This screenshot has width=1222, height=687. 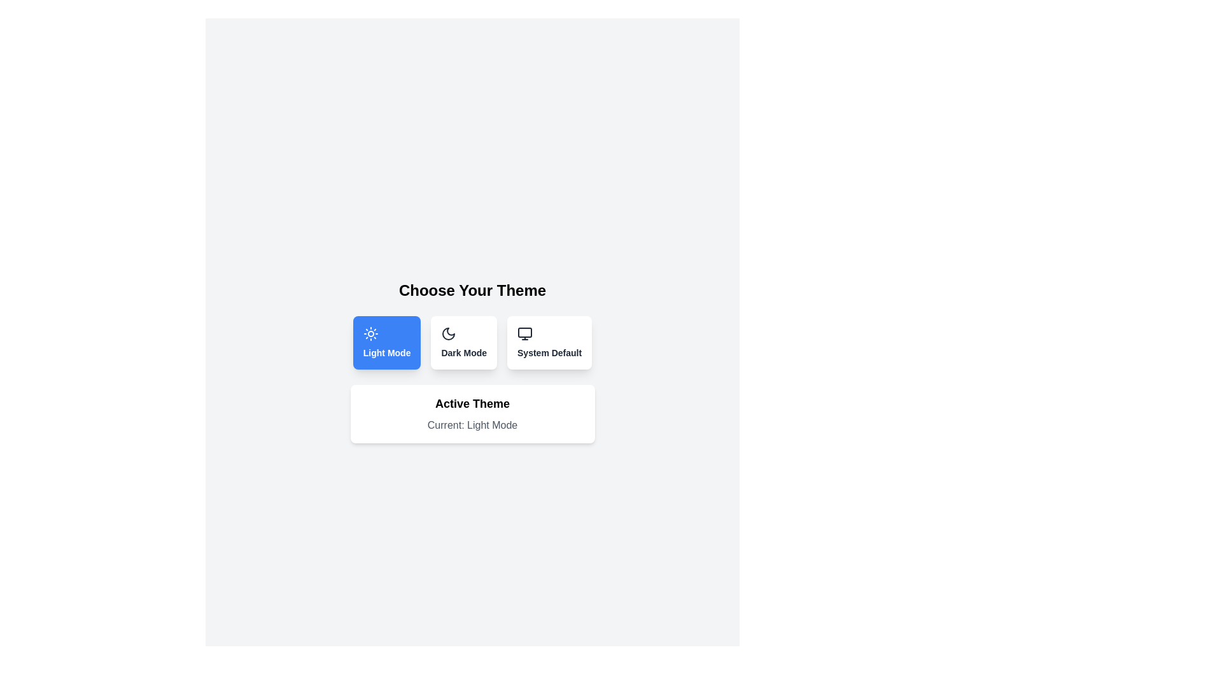 What do you see at coordinates (549, 342) in the screenshot?
I see `the theme button corresponding to System Default to select it` at bounding box center [549, 342].